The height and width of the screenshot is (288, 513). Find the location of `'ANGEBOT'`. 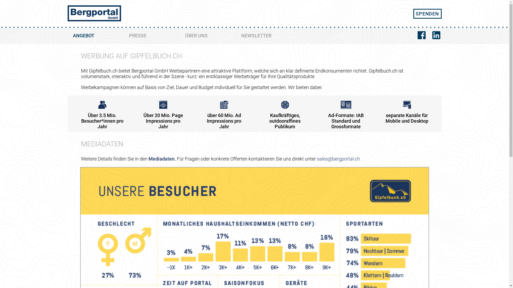

'ANGEBOT' is located at coordinates (95, 36).